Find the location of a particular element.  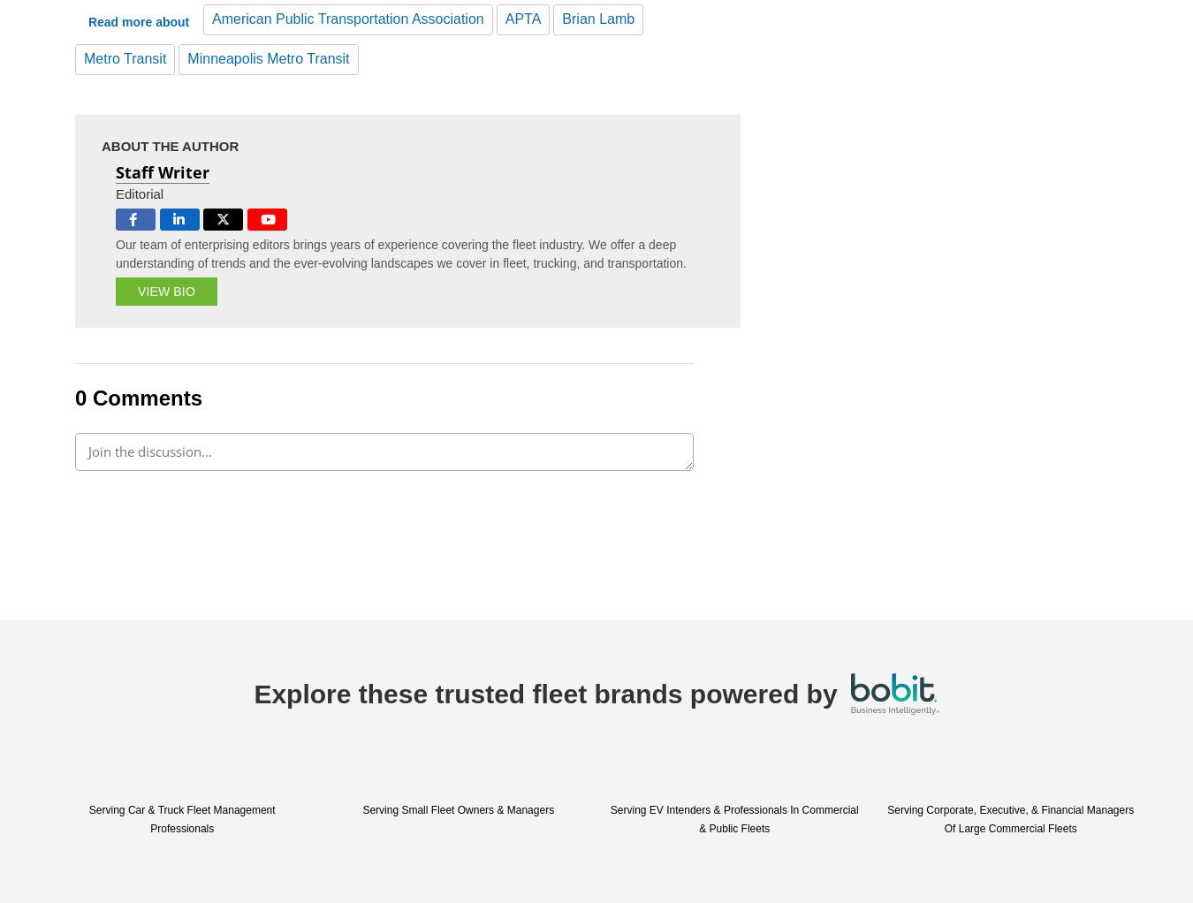

'Our team of enterprising editors brings years of experience covering the fleet industry. We offer a deep understanding of trends and the ever-evolving landscapes we cover in fleet, trucking, and transportation.' is located at coordinates (403, 253).